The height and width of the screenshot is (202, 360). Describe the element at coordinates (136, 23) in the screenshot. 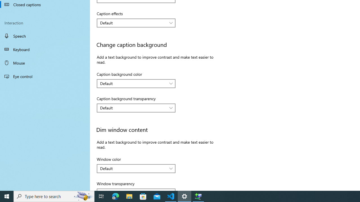

I see `'Caption effects'` at that location.